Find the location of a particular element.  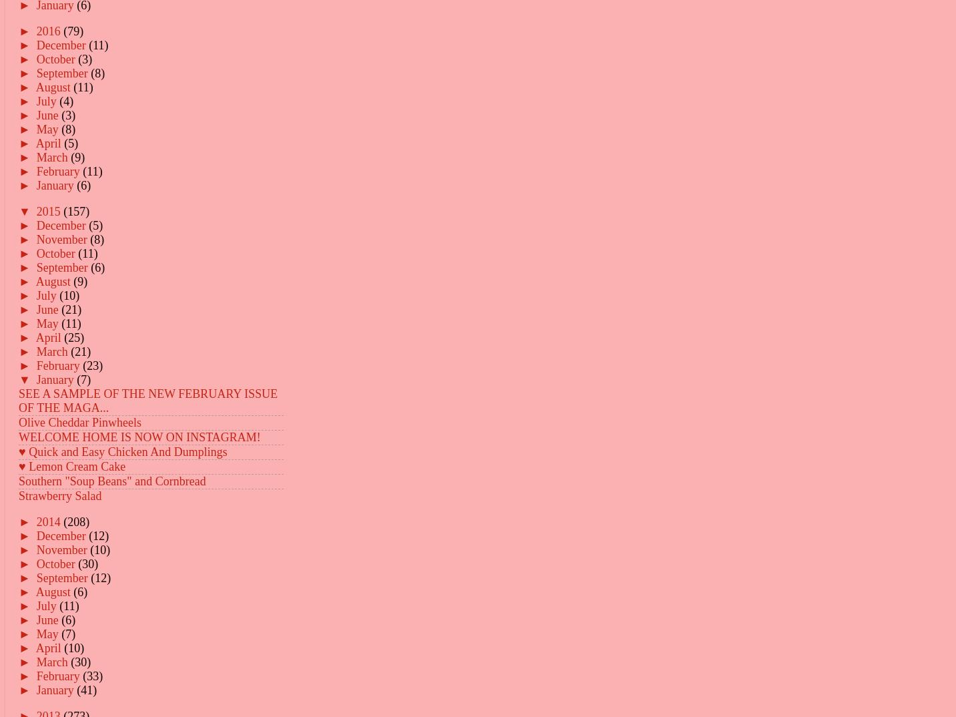

'(79)' is located at coordinates (73, 29).